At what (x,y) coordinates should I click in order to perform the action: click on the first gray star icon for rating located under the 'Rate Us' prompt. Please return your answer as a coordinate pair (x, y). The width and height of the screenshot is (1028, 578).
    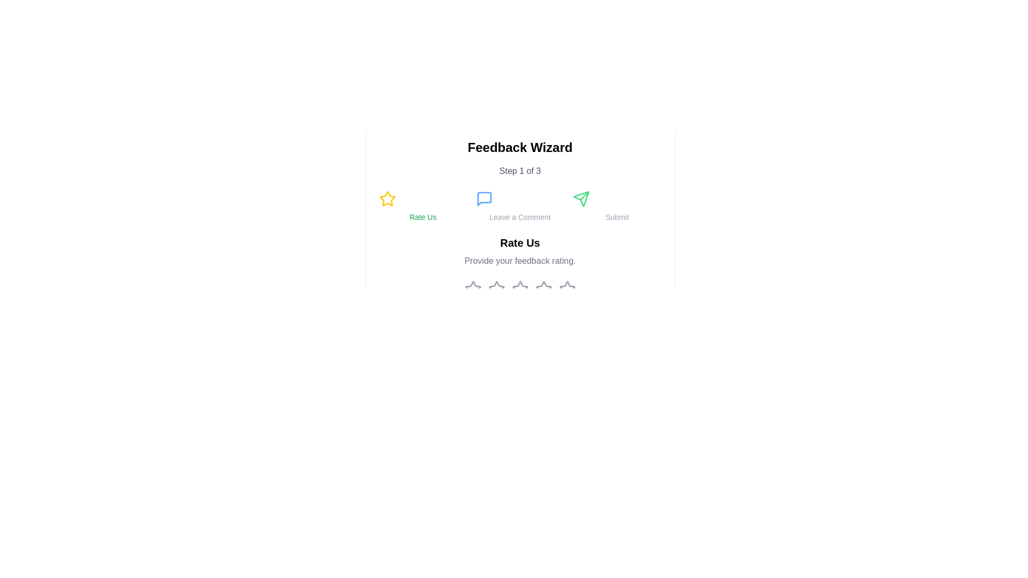
    Looking at the image, I should click on (472, 289).